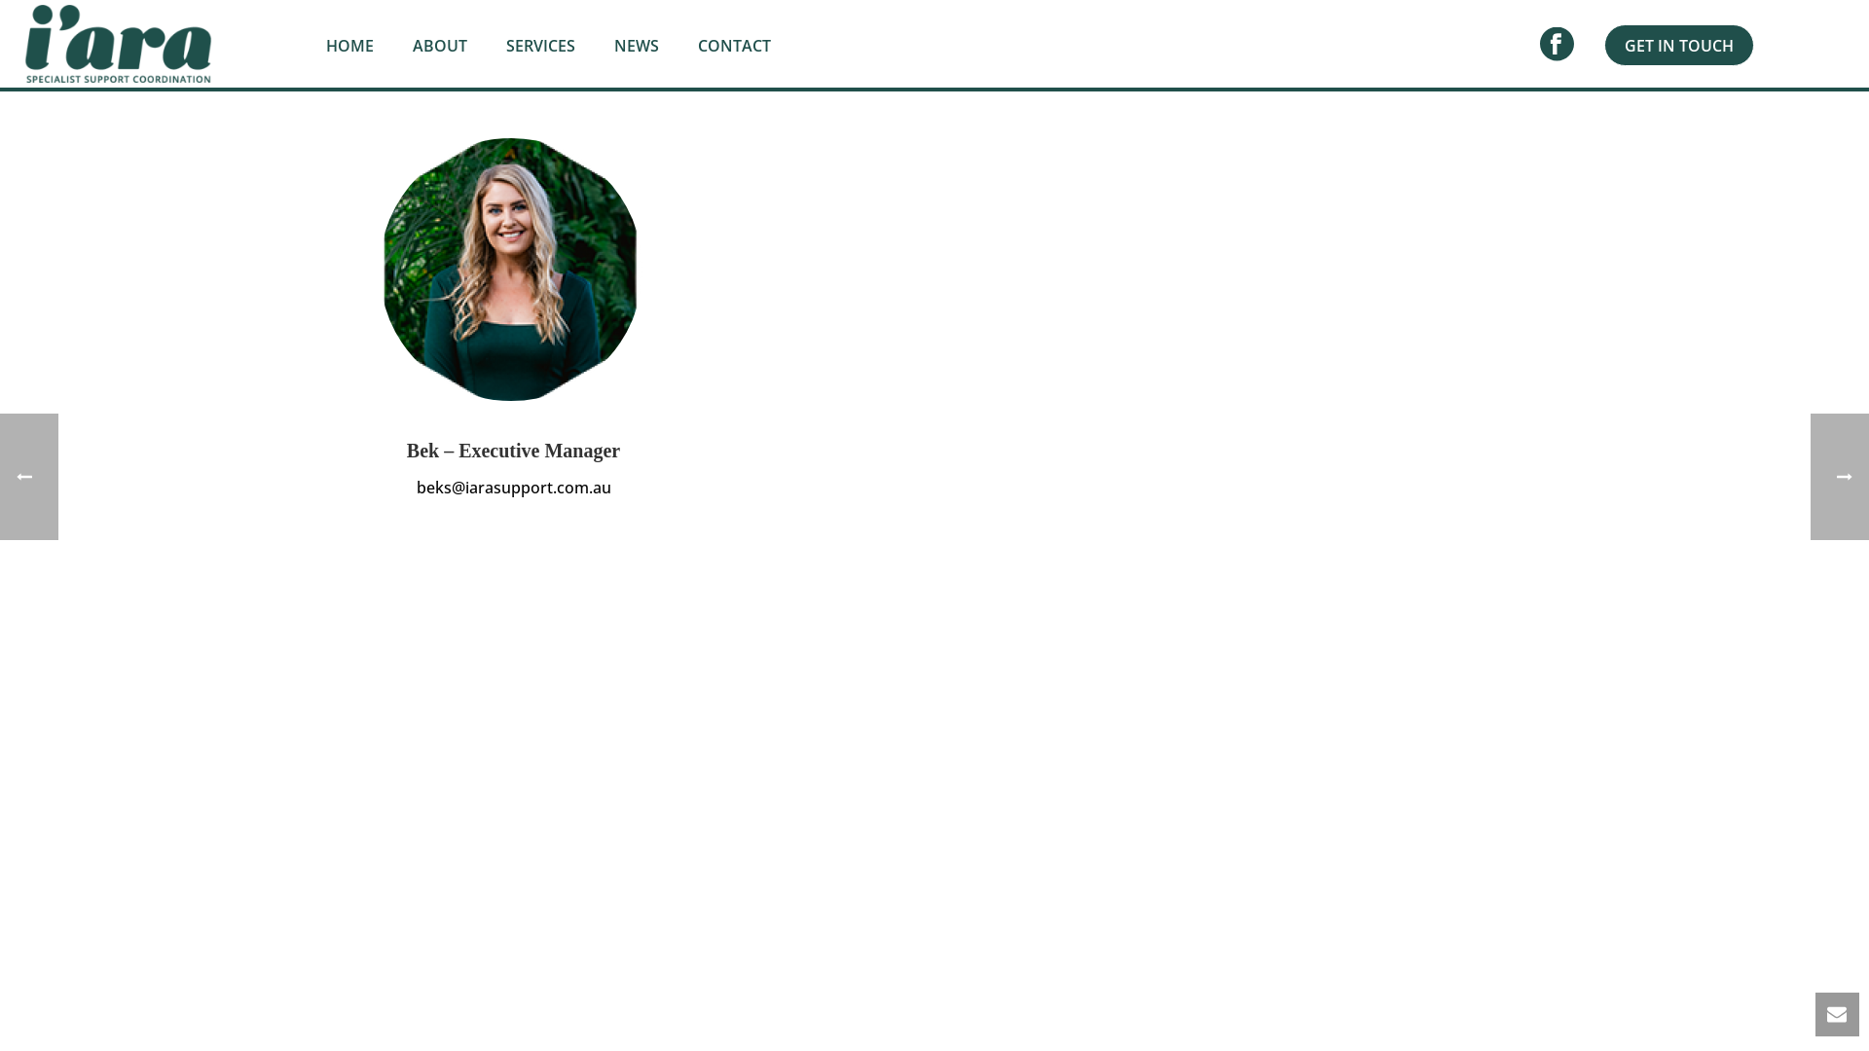 The image size is (1869, 1051). What do you see at coordinates (636, 44) in the screenshot?
I see `'NEWS'` at bounding box center [636, 44].